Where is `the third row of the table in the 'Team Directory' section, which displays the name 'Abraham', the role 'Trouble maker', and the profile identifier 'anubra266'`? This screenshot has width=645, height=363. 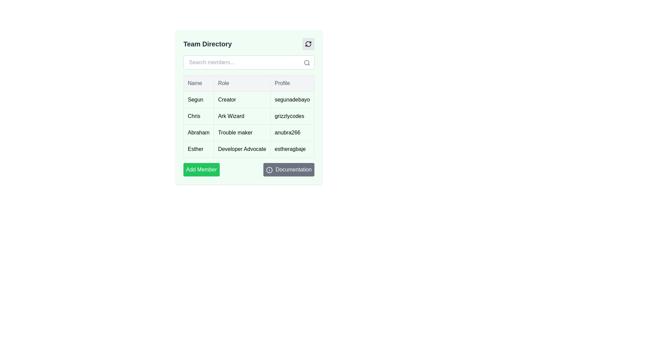
the third row of the table in the 'Team Directory' section, which displays the name 'Abraham', the role 'Trouble maker', and the profile identifier 'anubra266' is located at coordinates (248, 132).